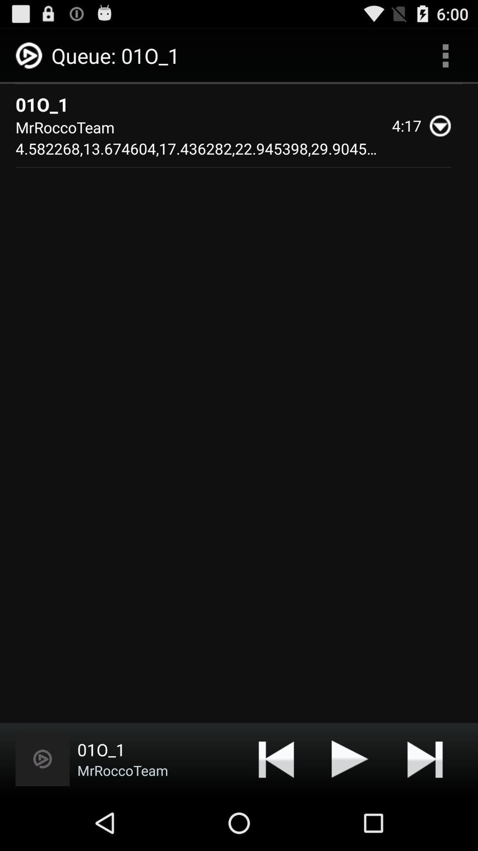  Describe the element at coordinates (424, 812) in the screenshot. I see `the skip_next icon` at that location.